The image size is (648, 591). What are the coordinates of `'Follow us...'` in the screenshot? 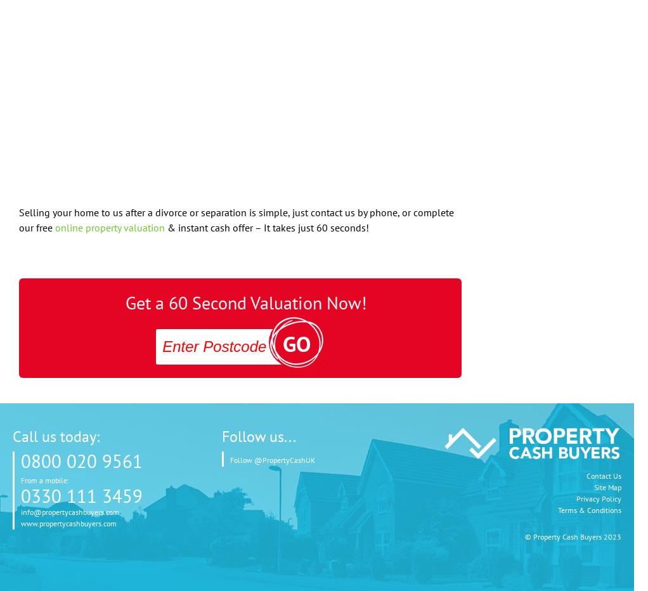 It's located at (222, 436).